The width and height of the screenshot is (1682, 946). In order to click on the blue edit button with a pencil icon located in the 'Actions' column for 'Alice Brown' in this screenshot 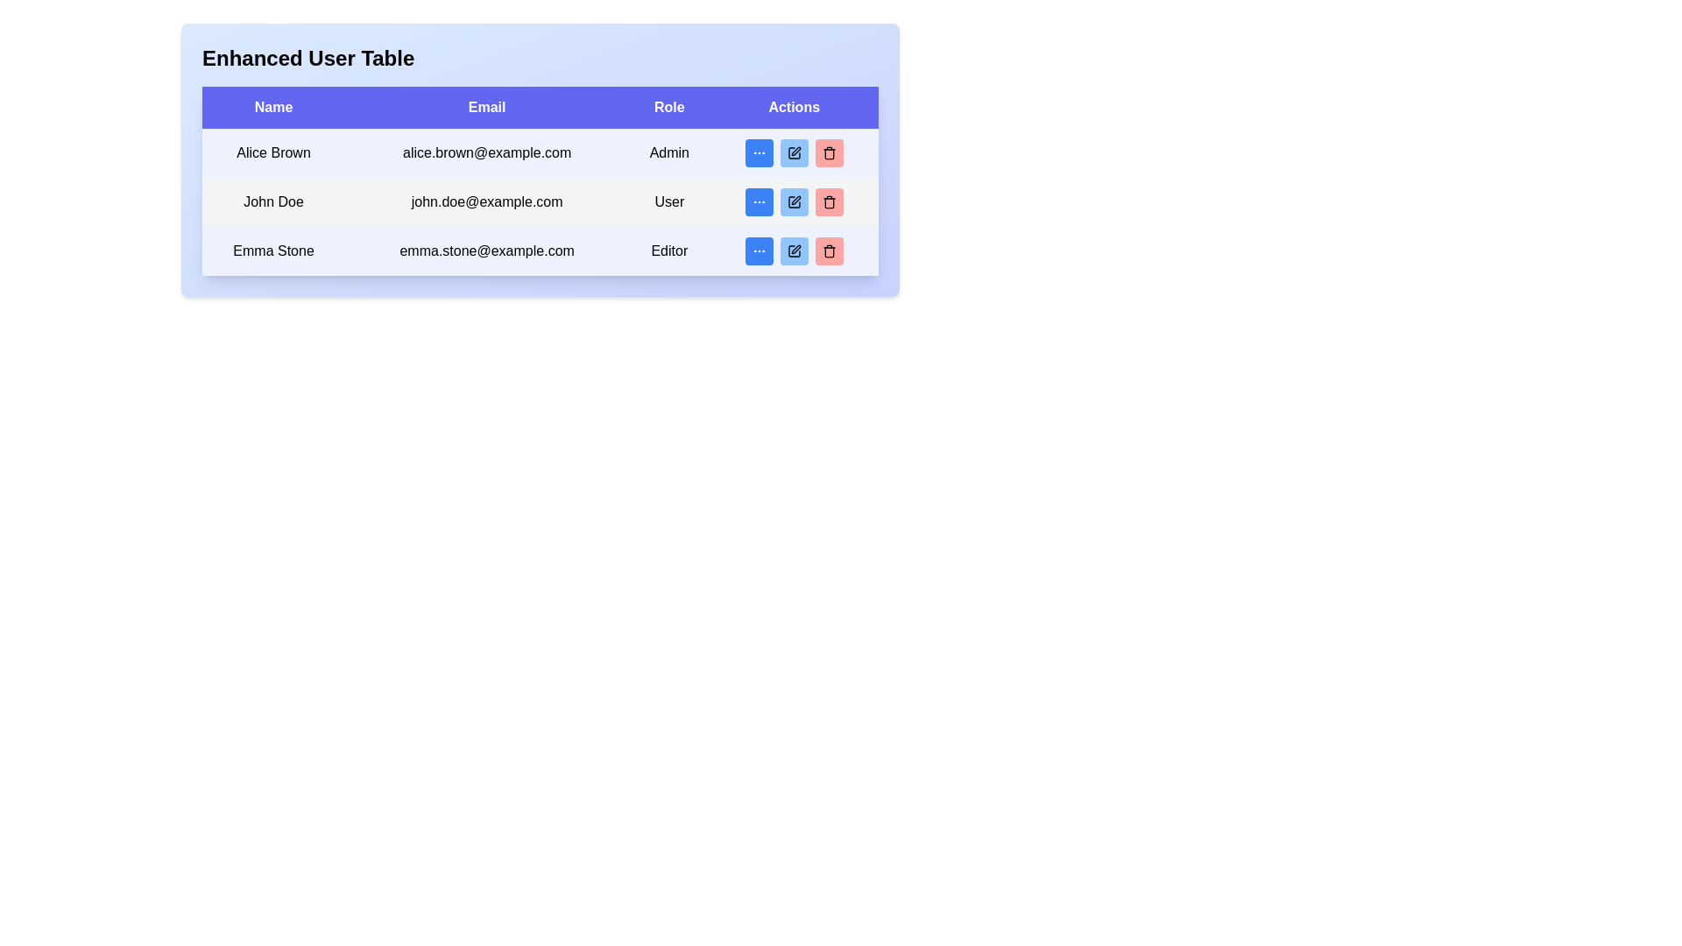, I will do `click(793, 152)`.